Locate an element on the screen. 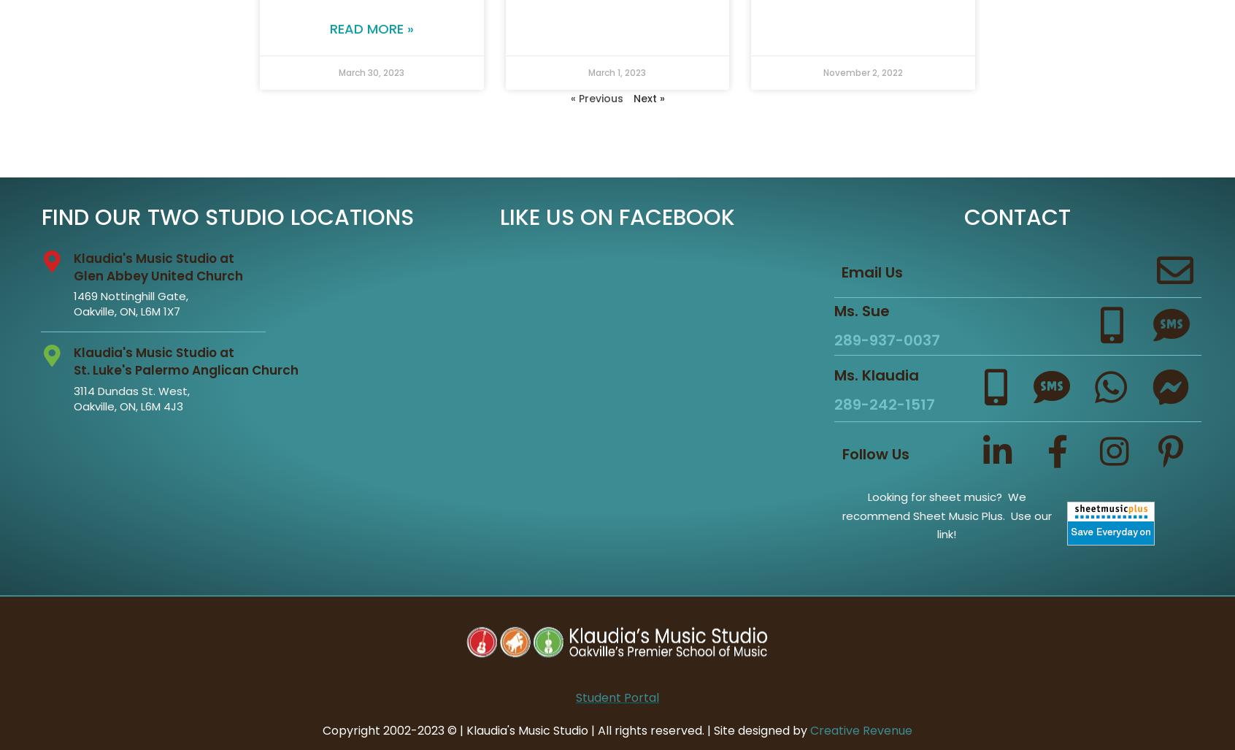 This screenshot has width=1235, height=750. 'Glen Abbey United Church' is located at coordinates (158, 275).